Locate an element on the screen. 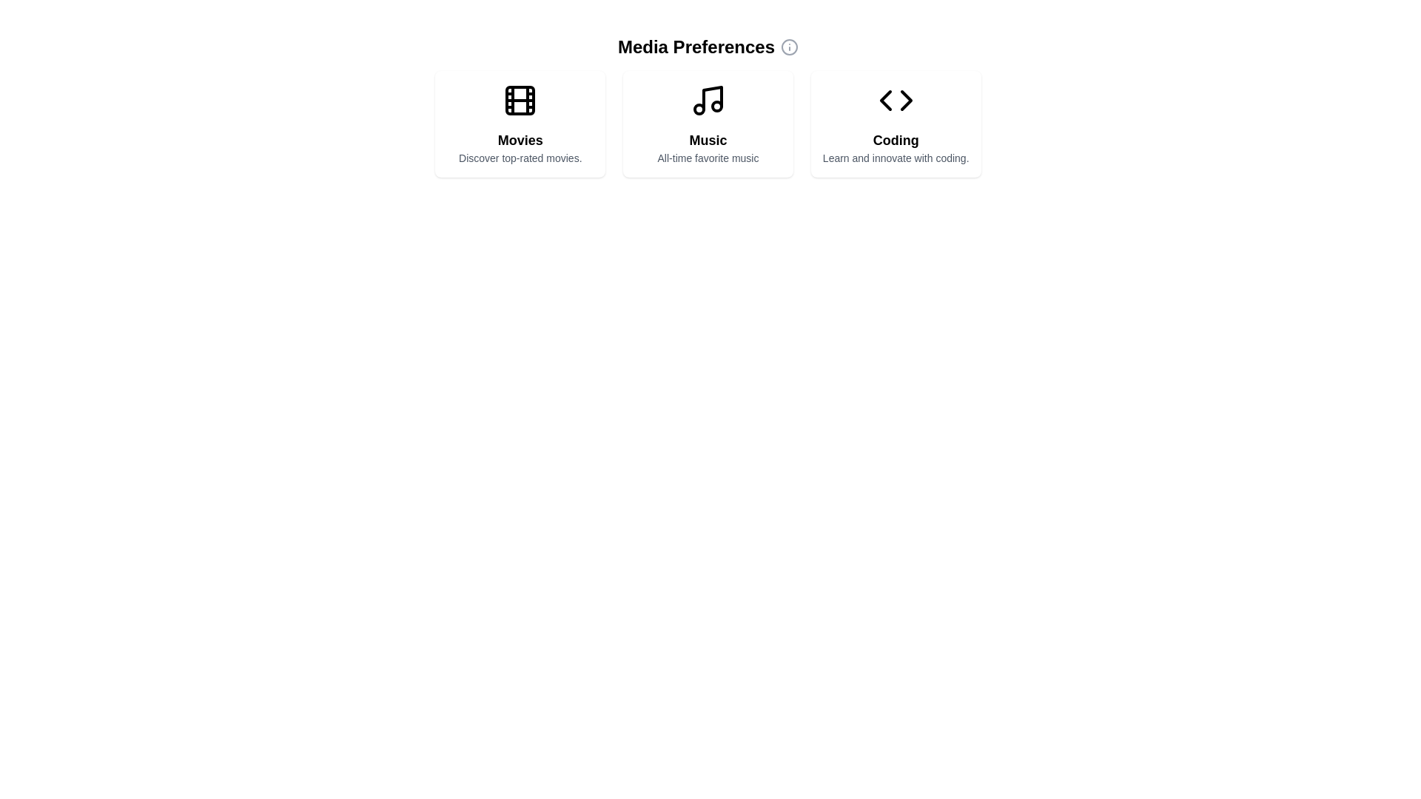  the first card in the grid, located at the top-left section is located at coordinates (520, 124).